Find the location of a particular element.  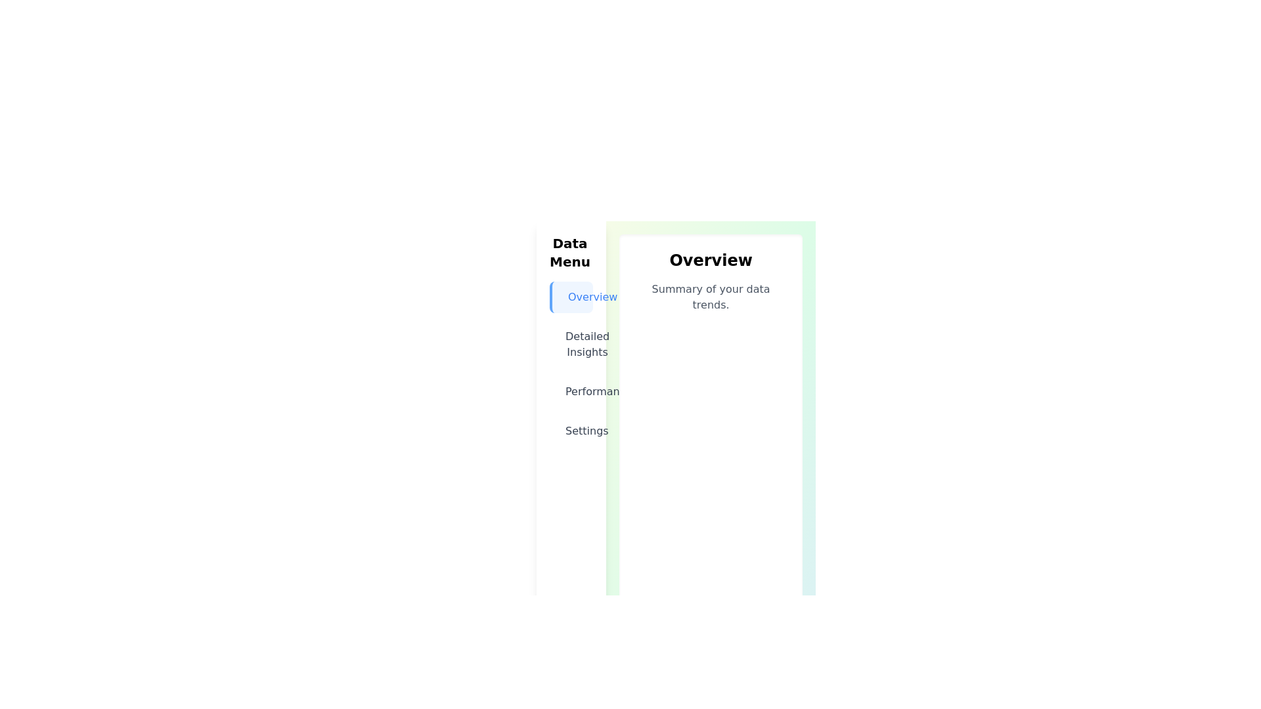

the menu item labeled Performance is located at coordinates (571, 391).